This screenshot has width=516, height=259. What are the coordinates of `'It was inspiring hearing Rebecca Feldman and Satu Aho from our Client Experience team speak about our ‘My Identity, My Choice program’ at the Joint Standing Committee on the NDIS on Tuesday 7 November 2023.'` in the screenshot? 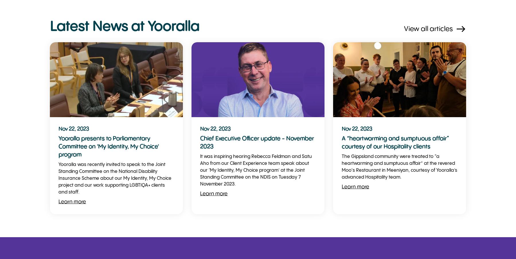 It's located at (256, 170).